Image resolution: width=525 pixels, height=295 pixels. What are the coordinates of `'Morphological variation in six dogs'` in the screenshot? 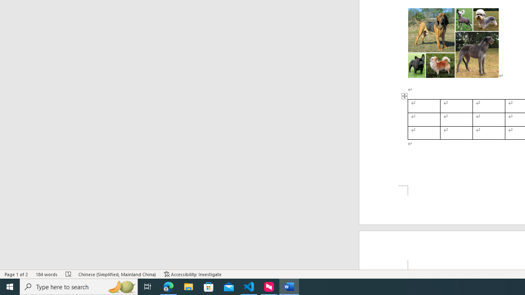 It's located at (453, 43).